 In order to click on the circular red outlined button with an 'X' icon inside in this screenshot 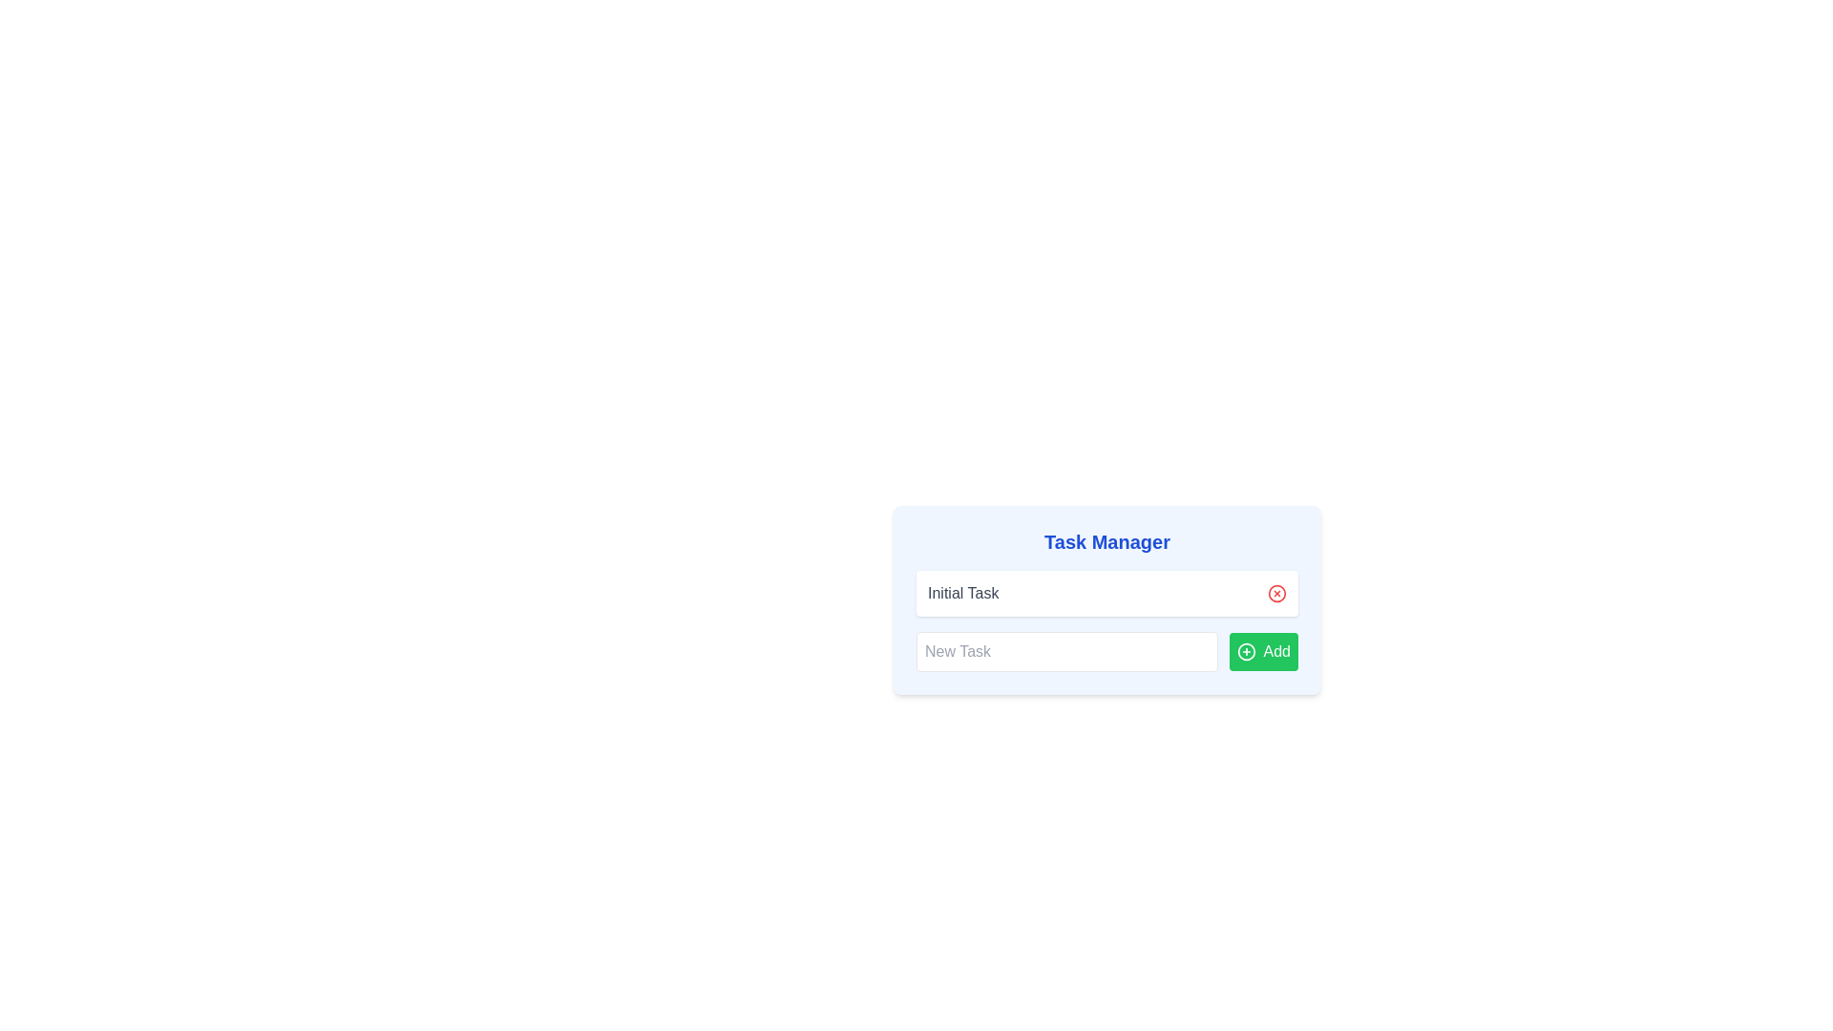, I will do `click(1277, 592)`.